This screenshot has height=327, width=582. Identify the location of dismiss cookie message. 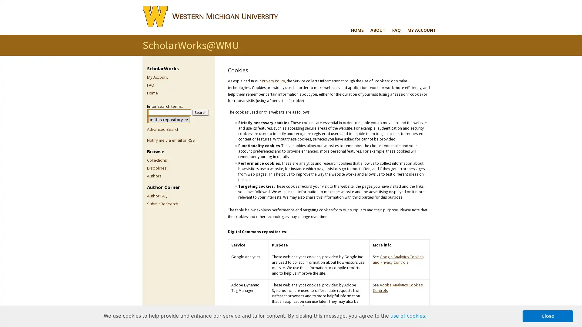
(548, 316).